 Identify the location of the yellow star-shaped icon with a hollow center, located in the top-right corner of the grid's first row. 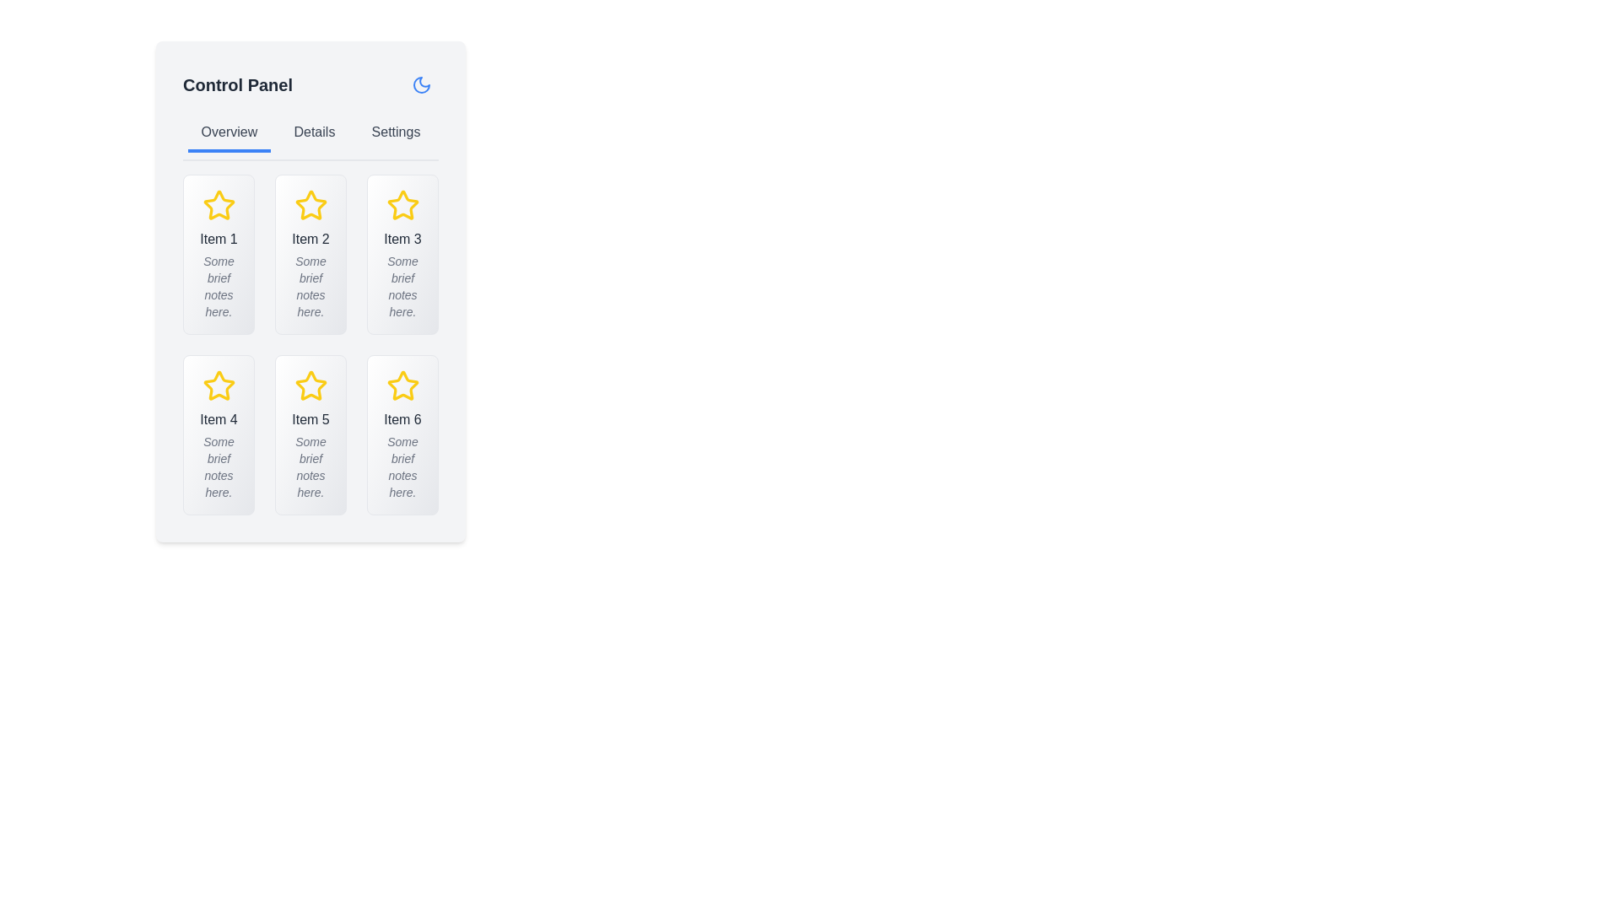
(402, 204).